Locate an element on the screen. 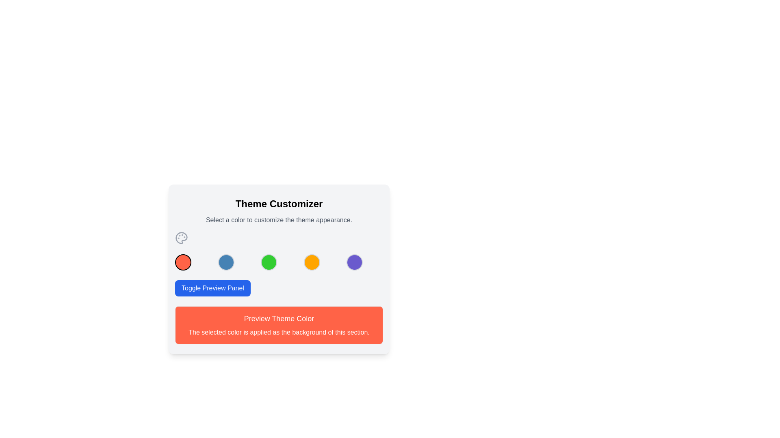 The height and width of the screenshot is (438, 780). the button that toggles the preview panel on or off, located below the circular color options and above the 'Preview Theme Color' button is located at coordinates (212, 288).